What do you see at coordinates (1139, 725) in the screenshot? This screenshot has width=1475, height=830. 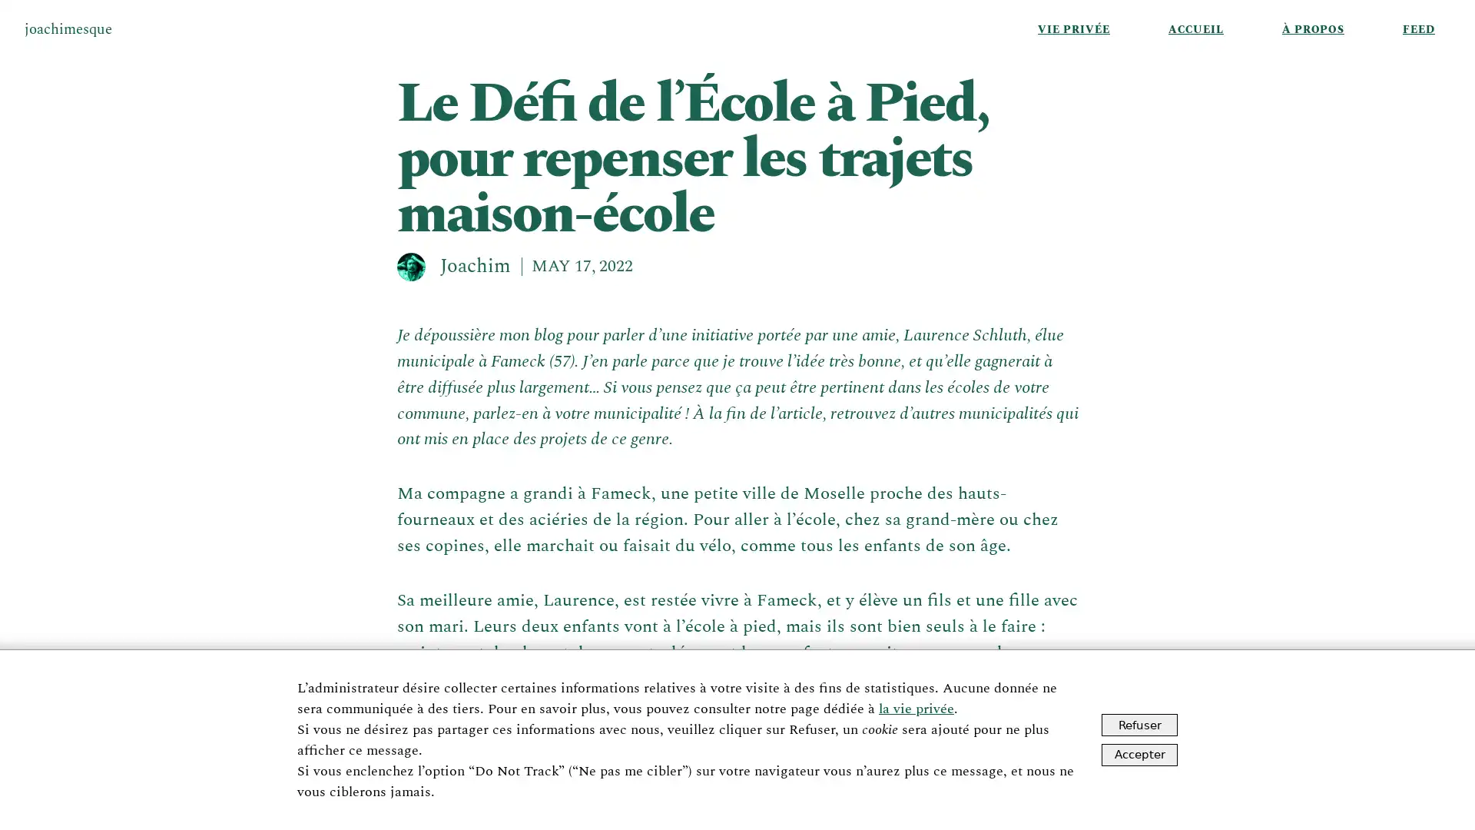 I see `Refuser` at bounding box center [1139, 725].